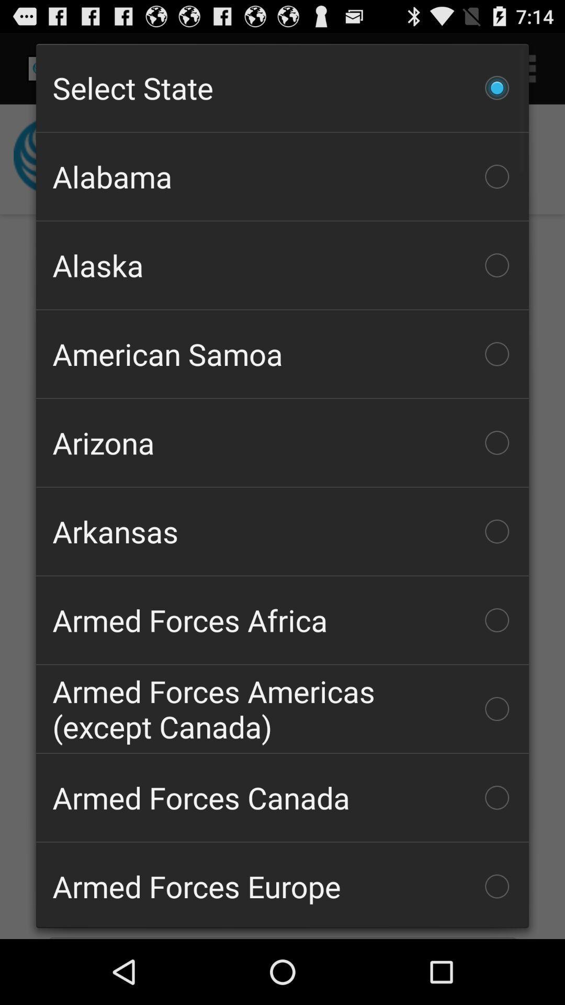 The width and height of the screenshot is (565, 1005). What do you see at coordinates (282, 176) in the screenshot?
I see `the alabama item` at bounding box center [282, 176].